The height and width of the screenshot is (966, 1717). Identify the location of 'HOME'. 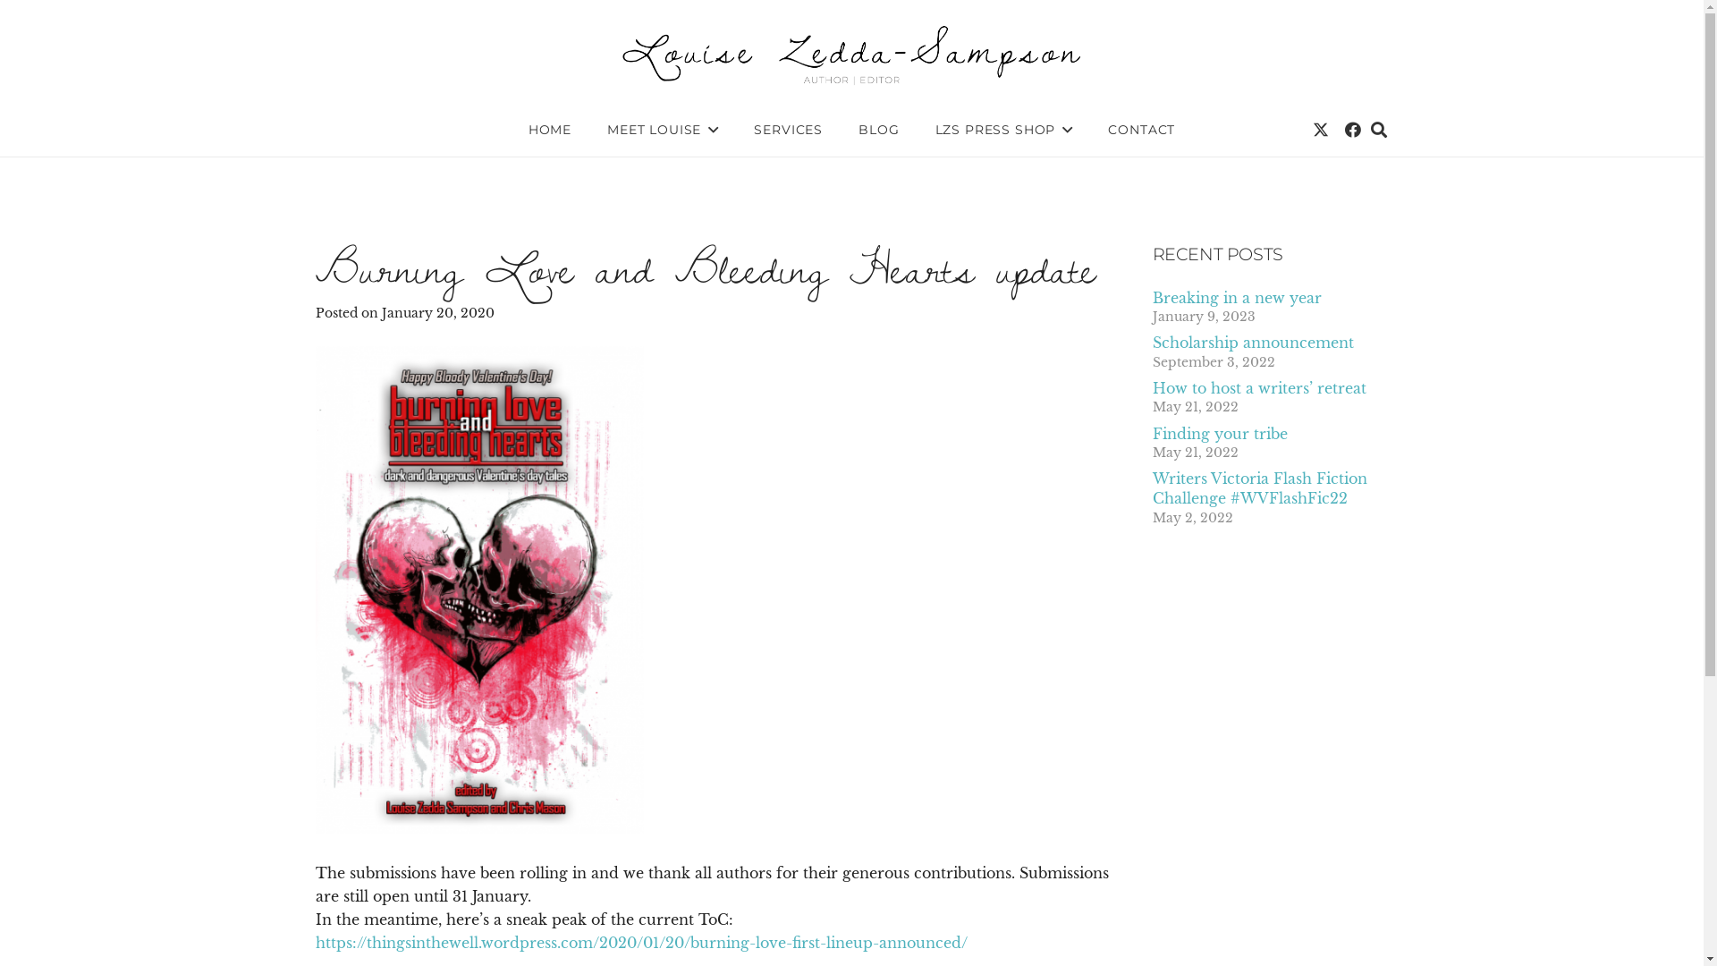
(548, 129).